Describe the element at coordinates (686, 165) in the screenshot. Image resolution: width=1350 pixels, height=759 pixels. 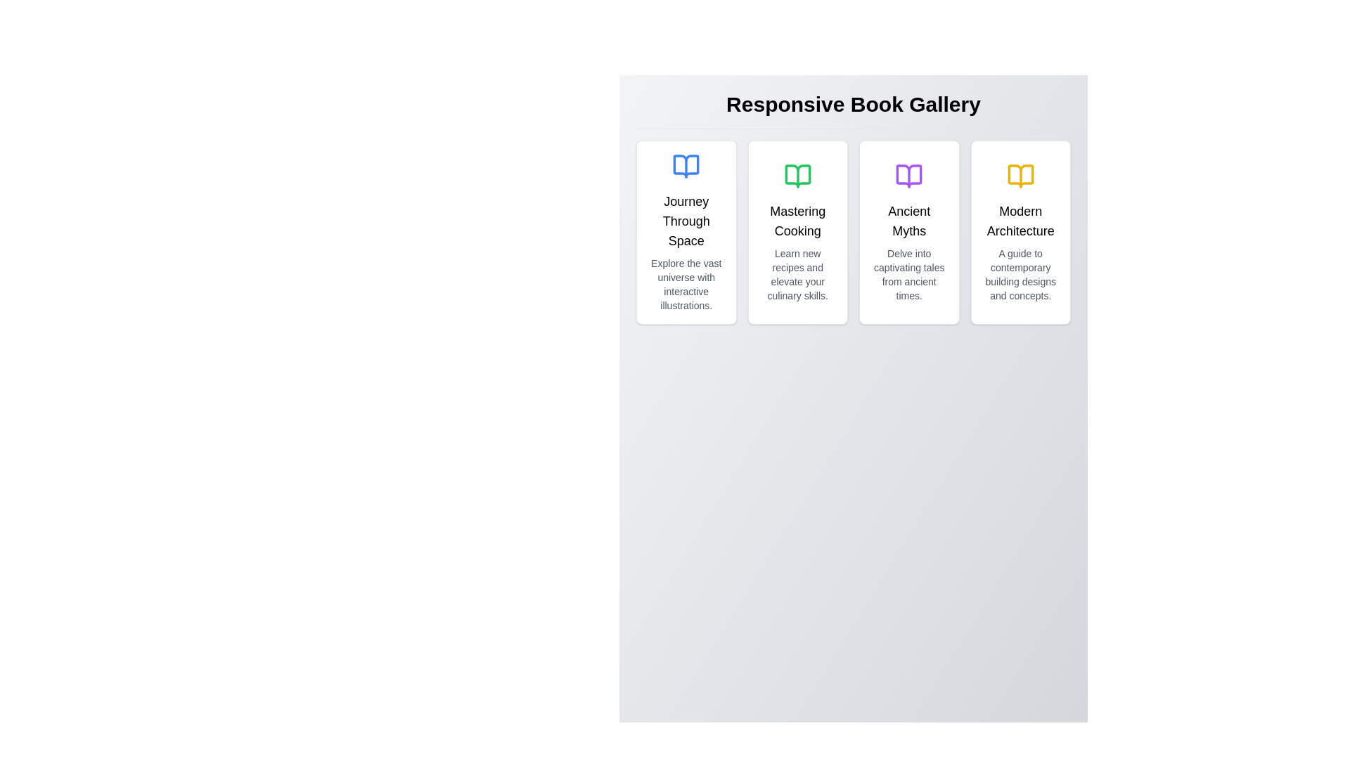
I see `the open book icon, which is visually represented with smooth vector lines in blue, located at the top center of the card titled 'Journey Through Space'` at that location.